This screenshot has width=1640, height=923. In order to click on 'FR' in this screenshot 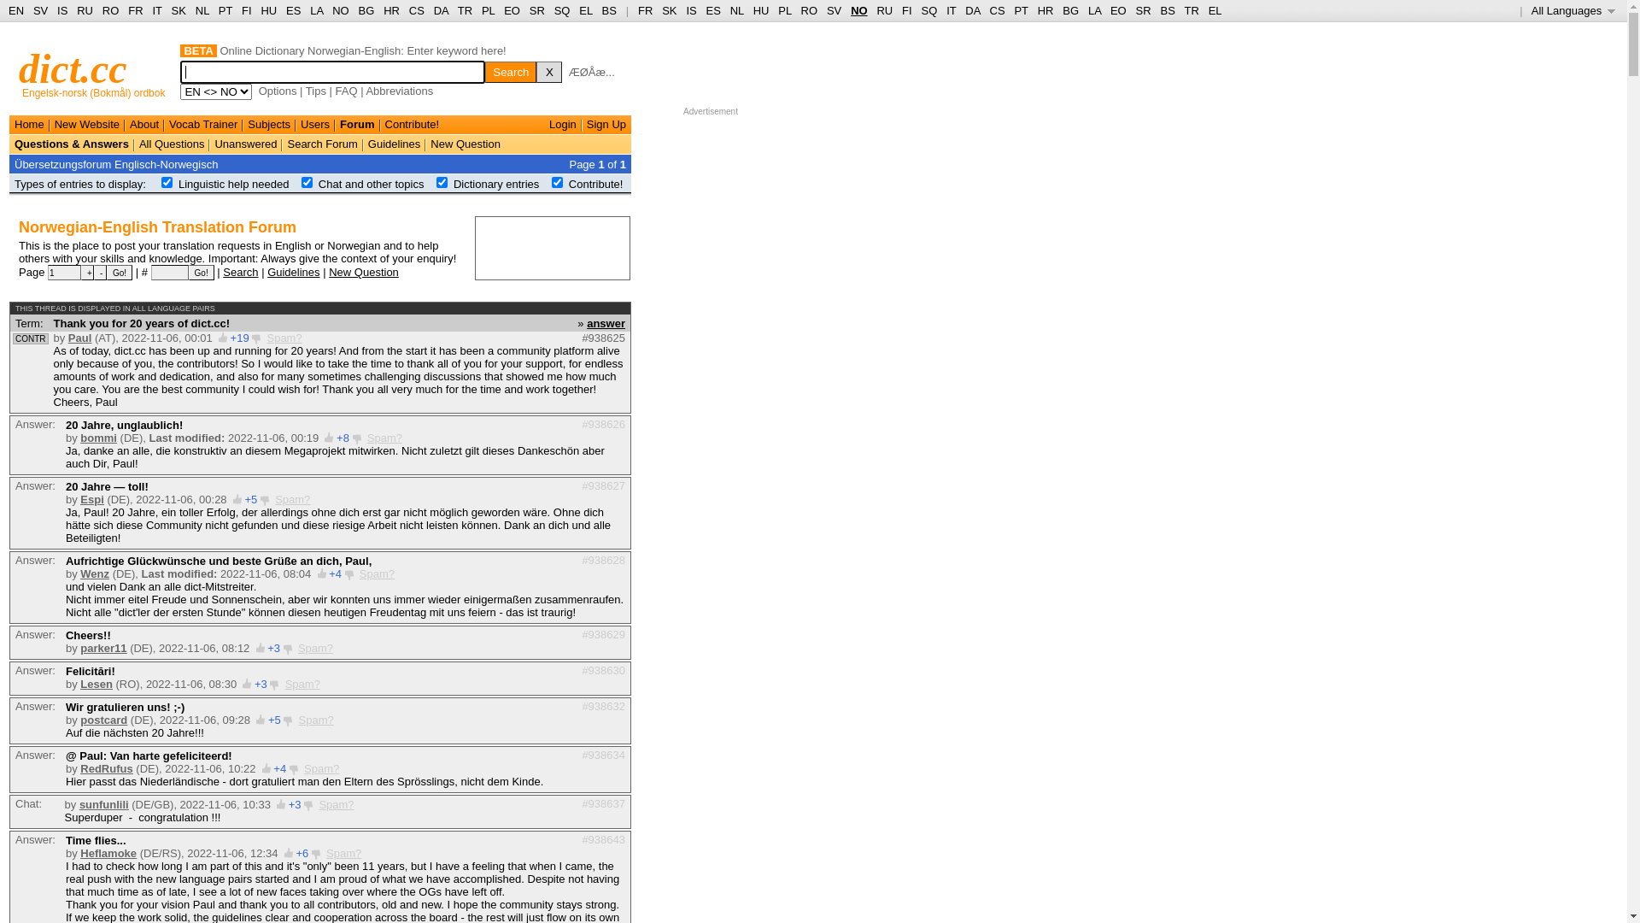, I will do `click(644, 10)`.